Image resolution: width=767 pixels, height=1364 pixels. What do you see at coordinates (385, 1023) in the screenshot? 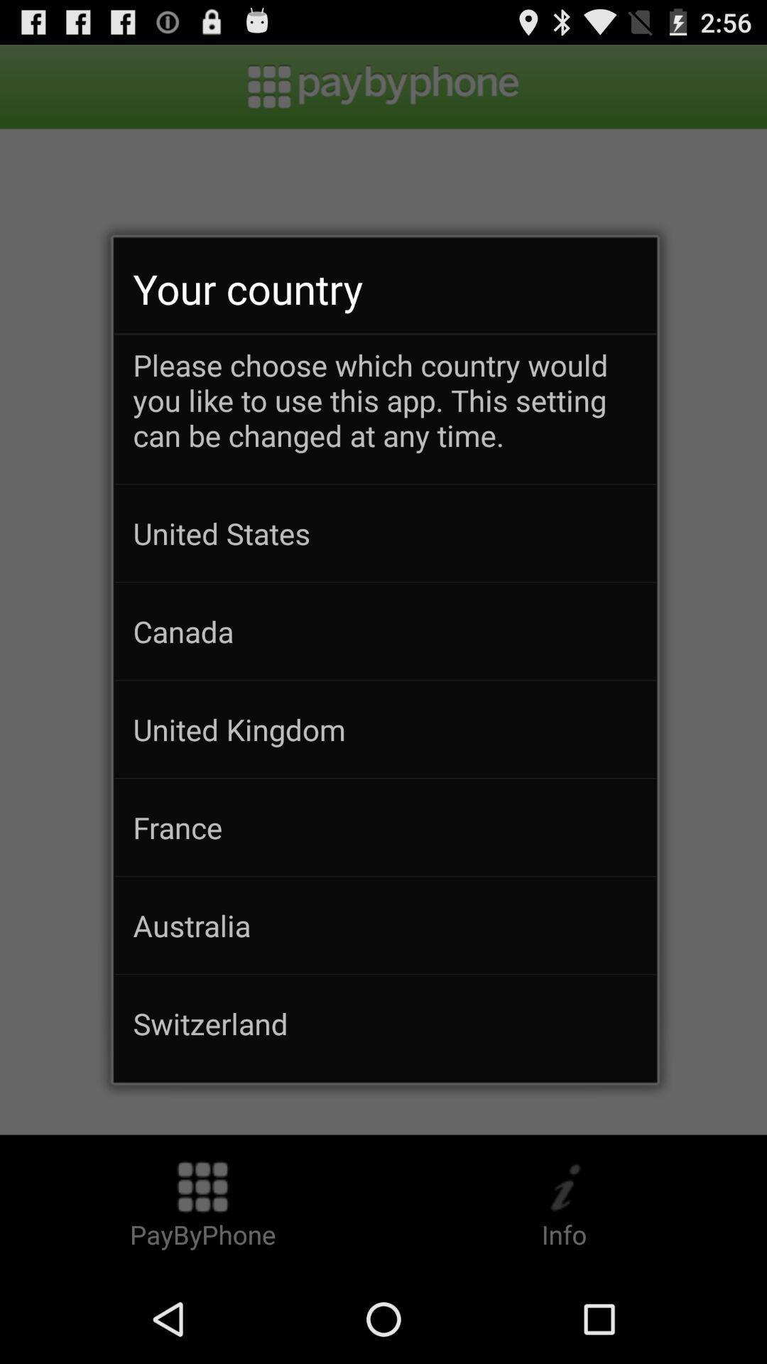
I see `the switzerland` at bounding box center [385, 1023].